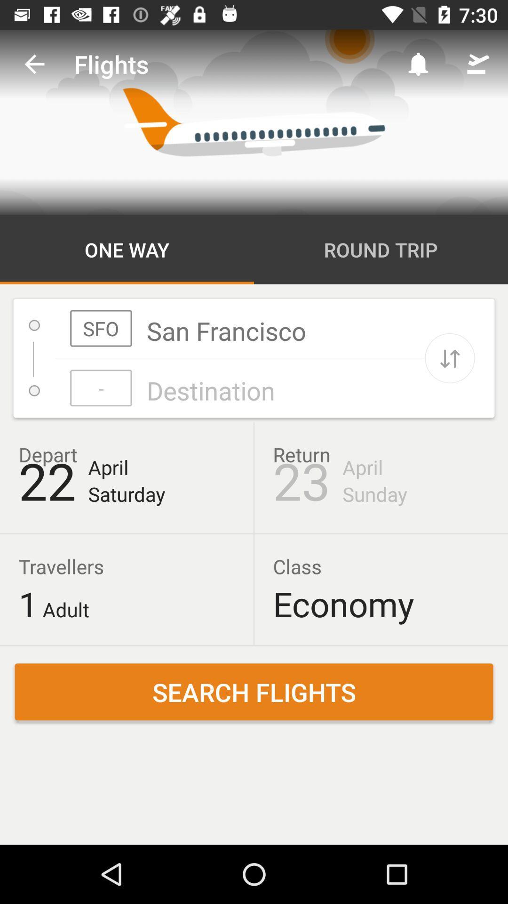 The image size is (508, 904). I want to click on destination, so click(239, 388).